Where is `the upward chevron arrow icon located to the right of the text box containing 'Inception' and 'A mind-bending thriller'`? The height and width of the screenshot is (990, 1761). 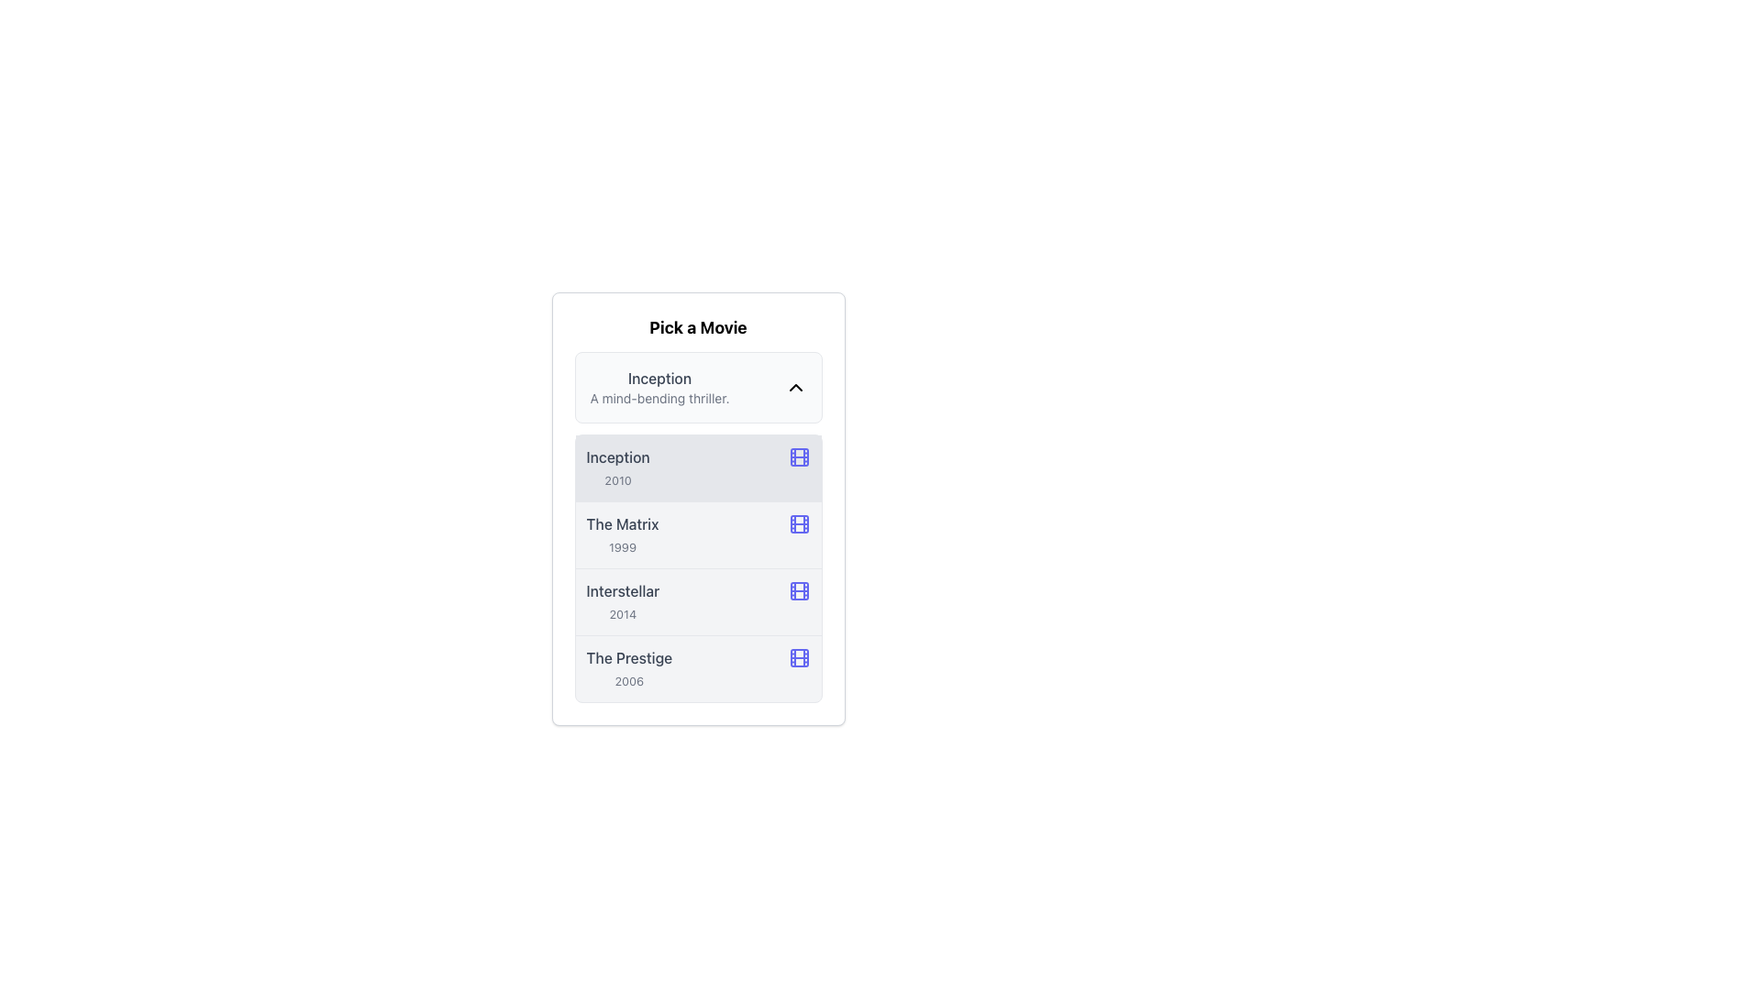 the upward chevron arrow icon located to the right of the text box containing 'Inception' and 'A mind-bending thriller' is located at coordinates (795, 387).